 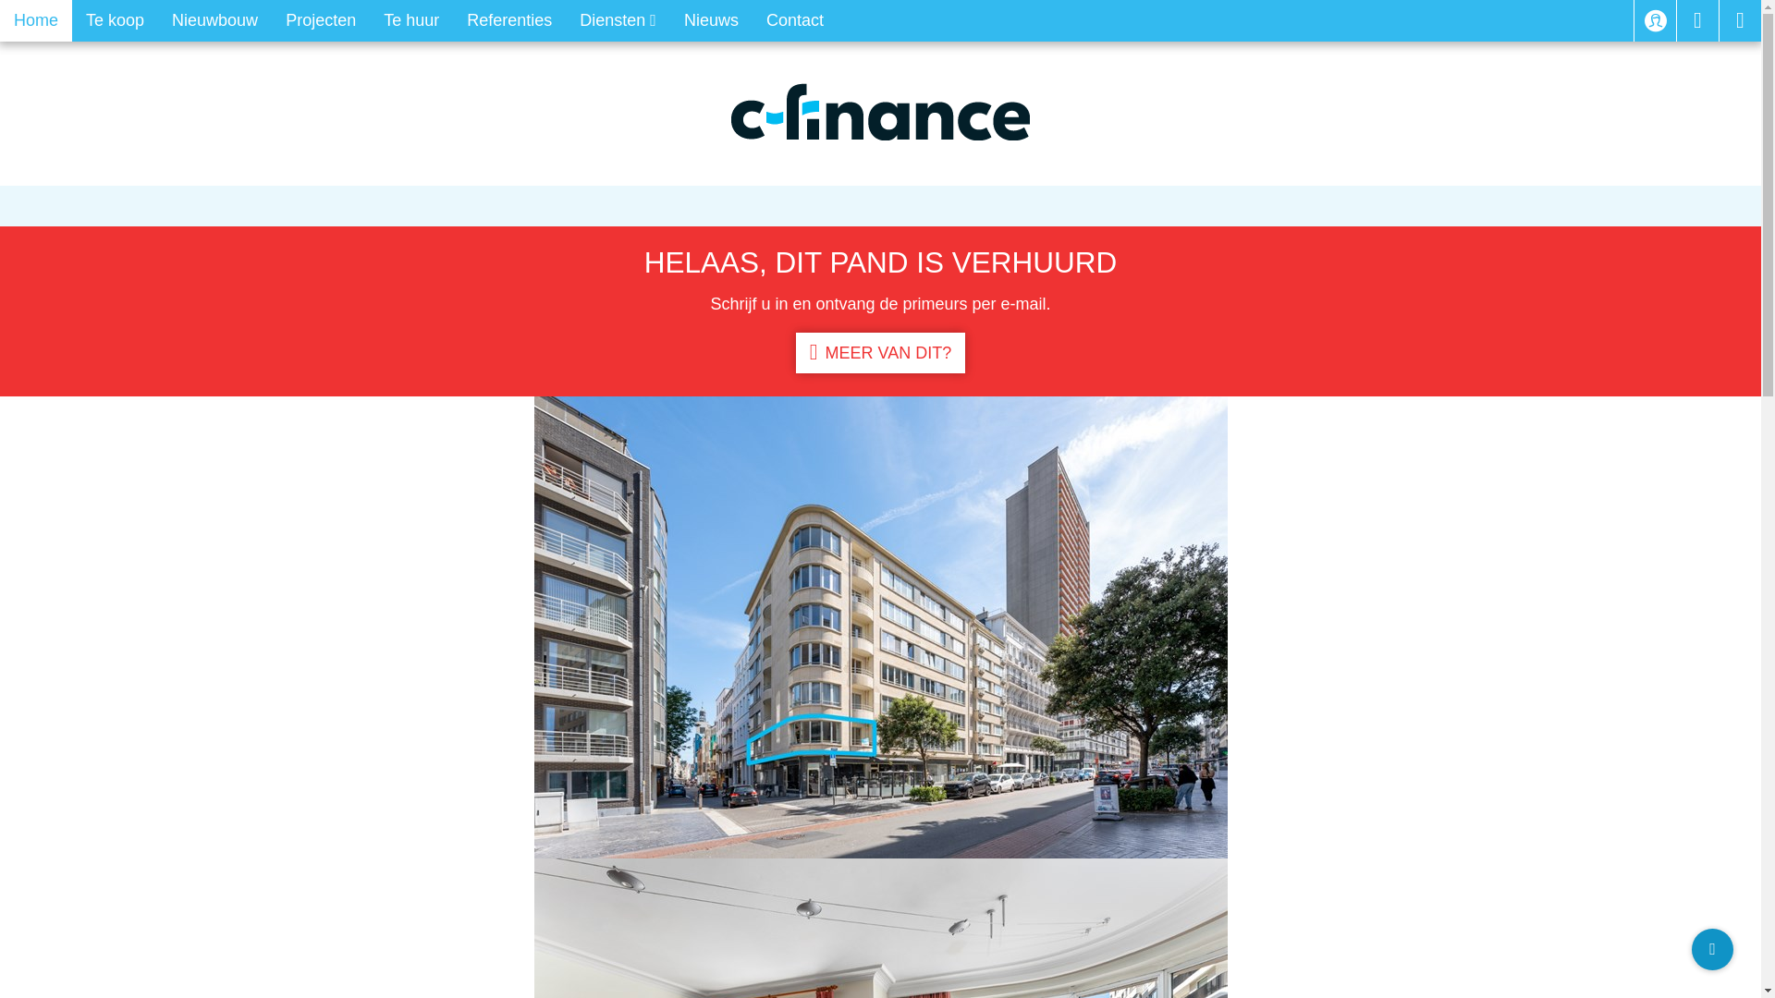 I want to click on 'Te koop', so click(x=114, y=20).